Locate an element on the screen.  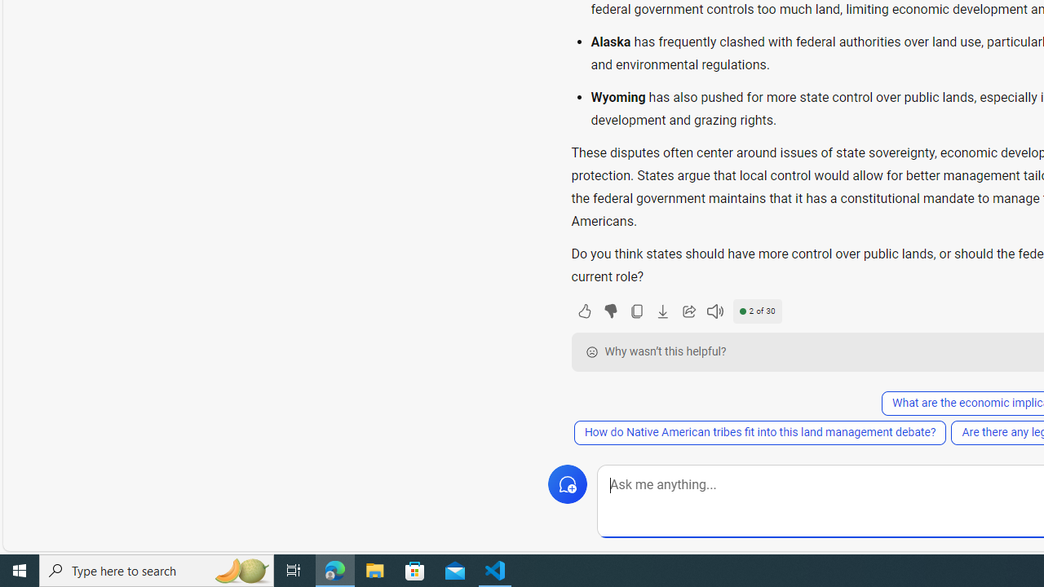
'Share' is located at coordinates (688, 311).